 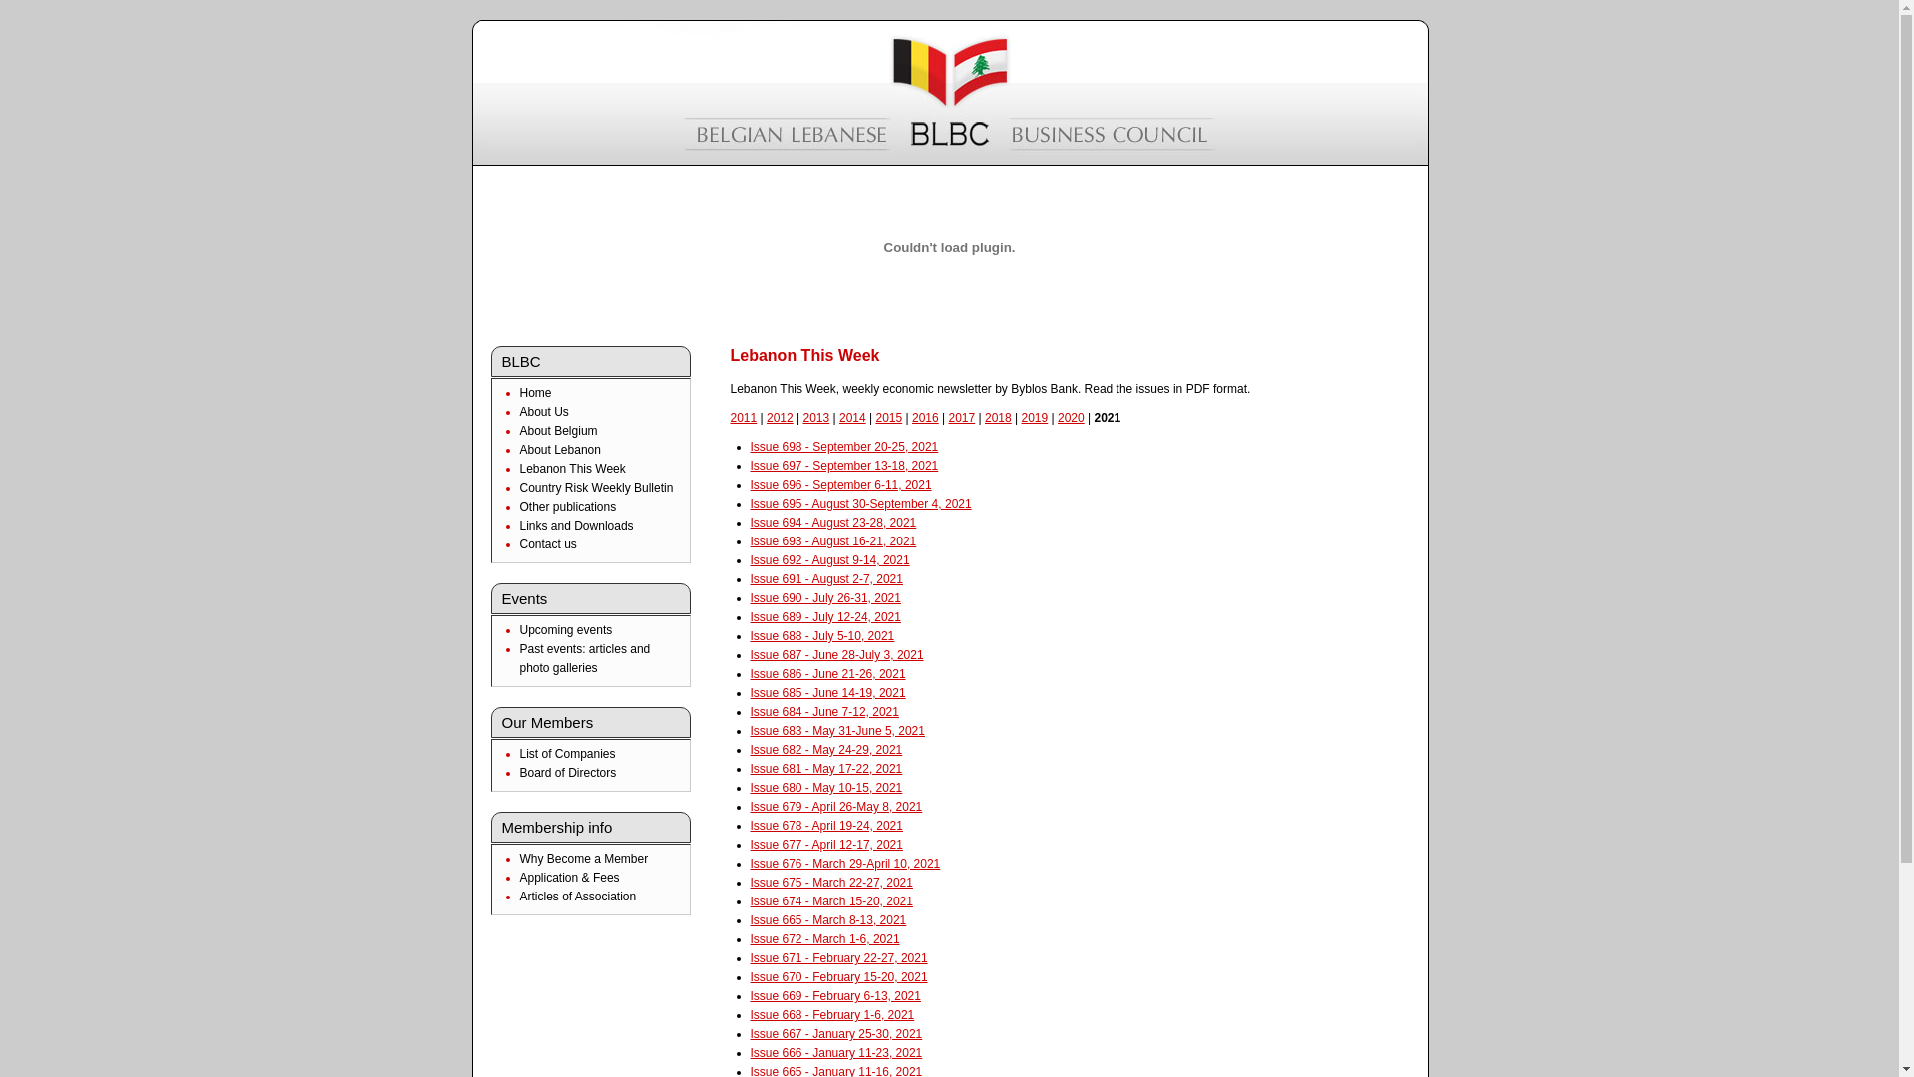 I want to click on 'Links and Downloads', so click(x=520, y=525).